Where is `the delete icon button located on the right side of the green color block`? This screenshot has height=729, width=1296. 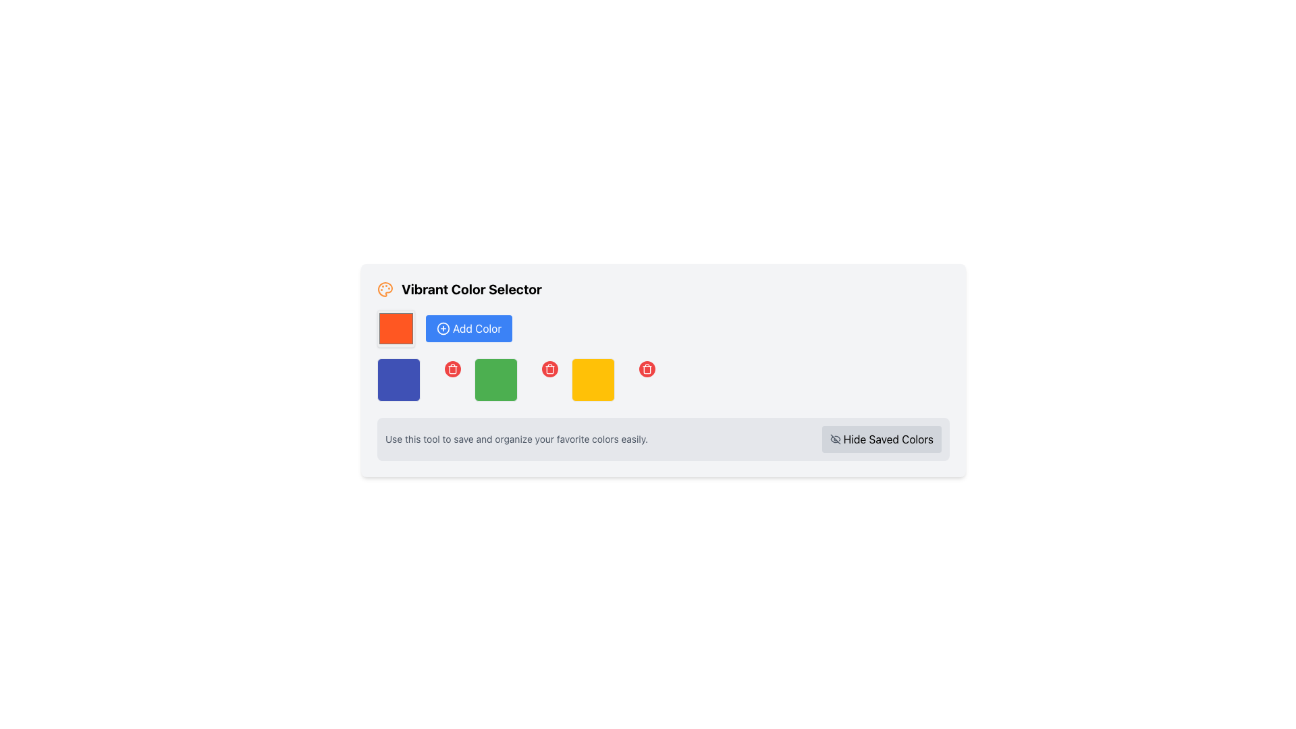
the delete icon button located on the right side of the green color block is located at coordinates (550, 369).